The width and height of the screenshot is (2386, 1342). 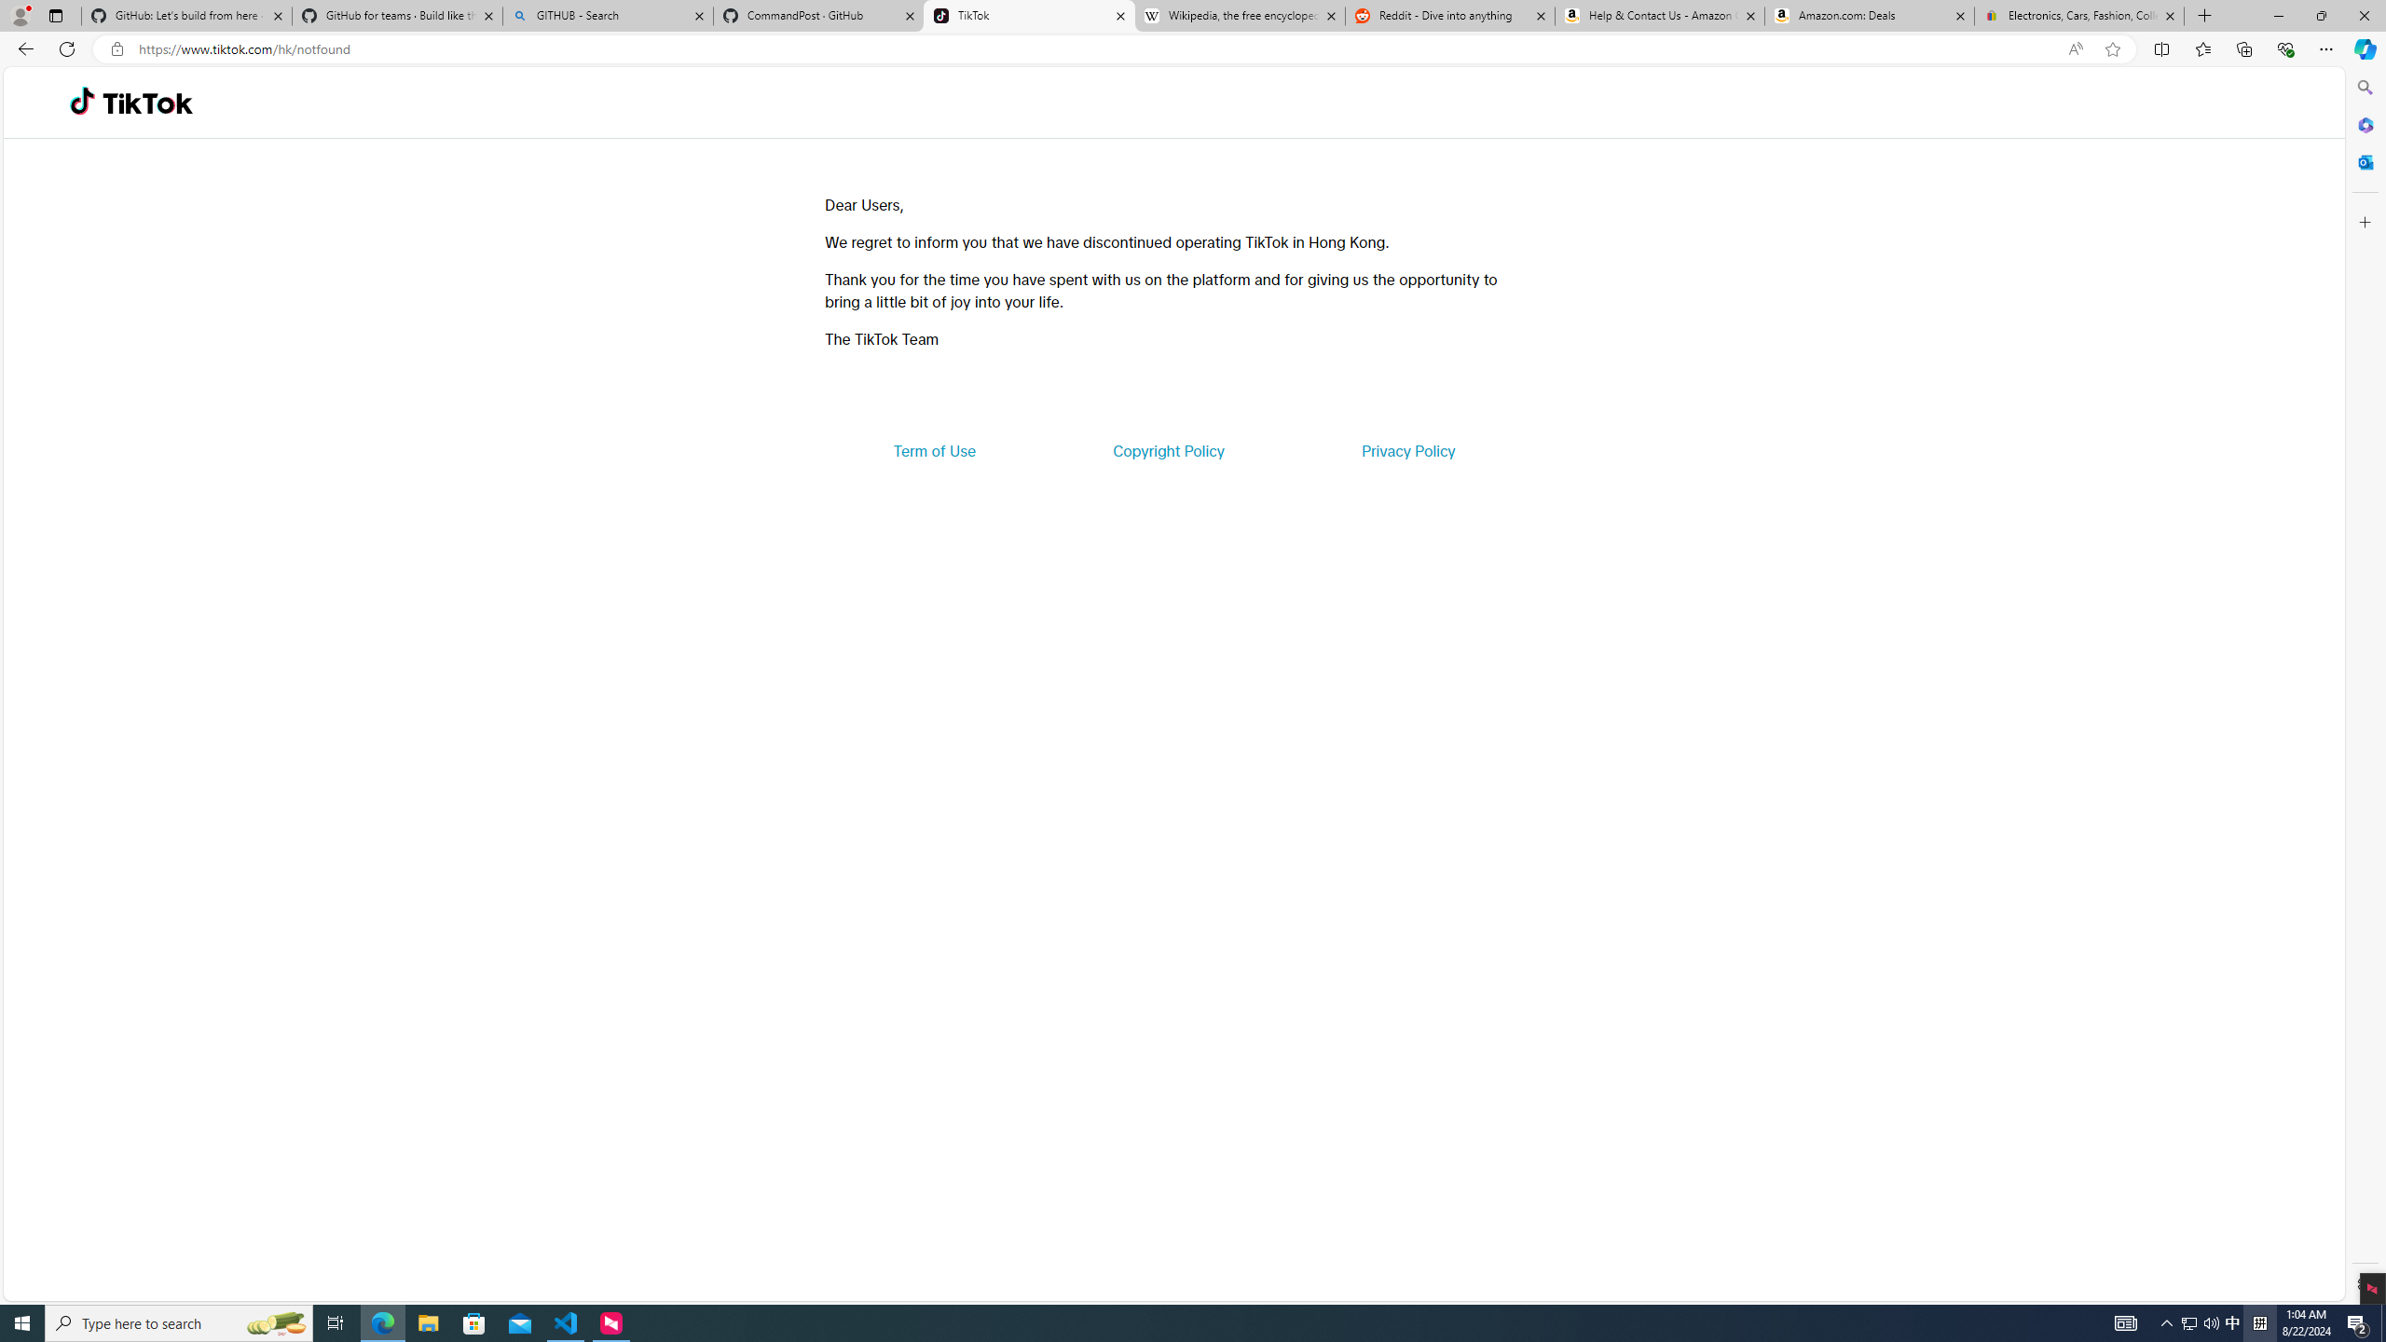 What do you see at coordinates (1167, 449) in the screenshot?
I see `'Copyright Policy'` at bounding box center [1167, 449].